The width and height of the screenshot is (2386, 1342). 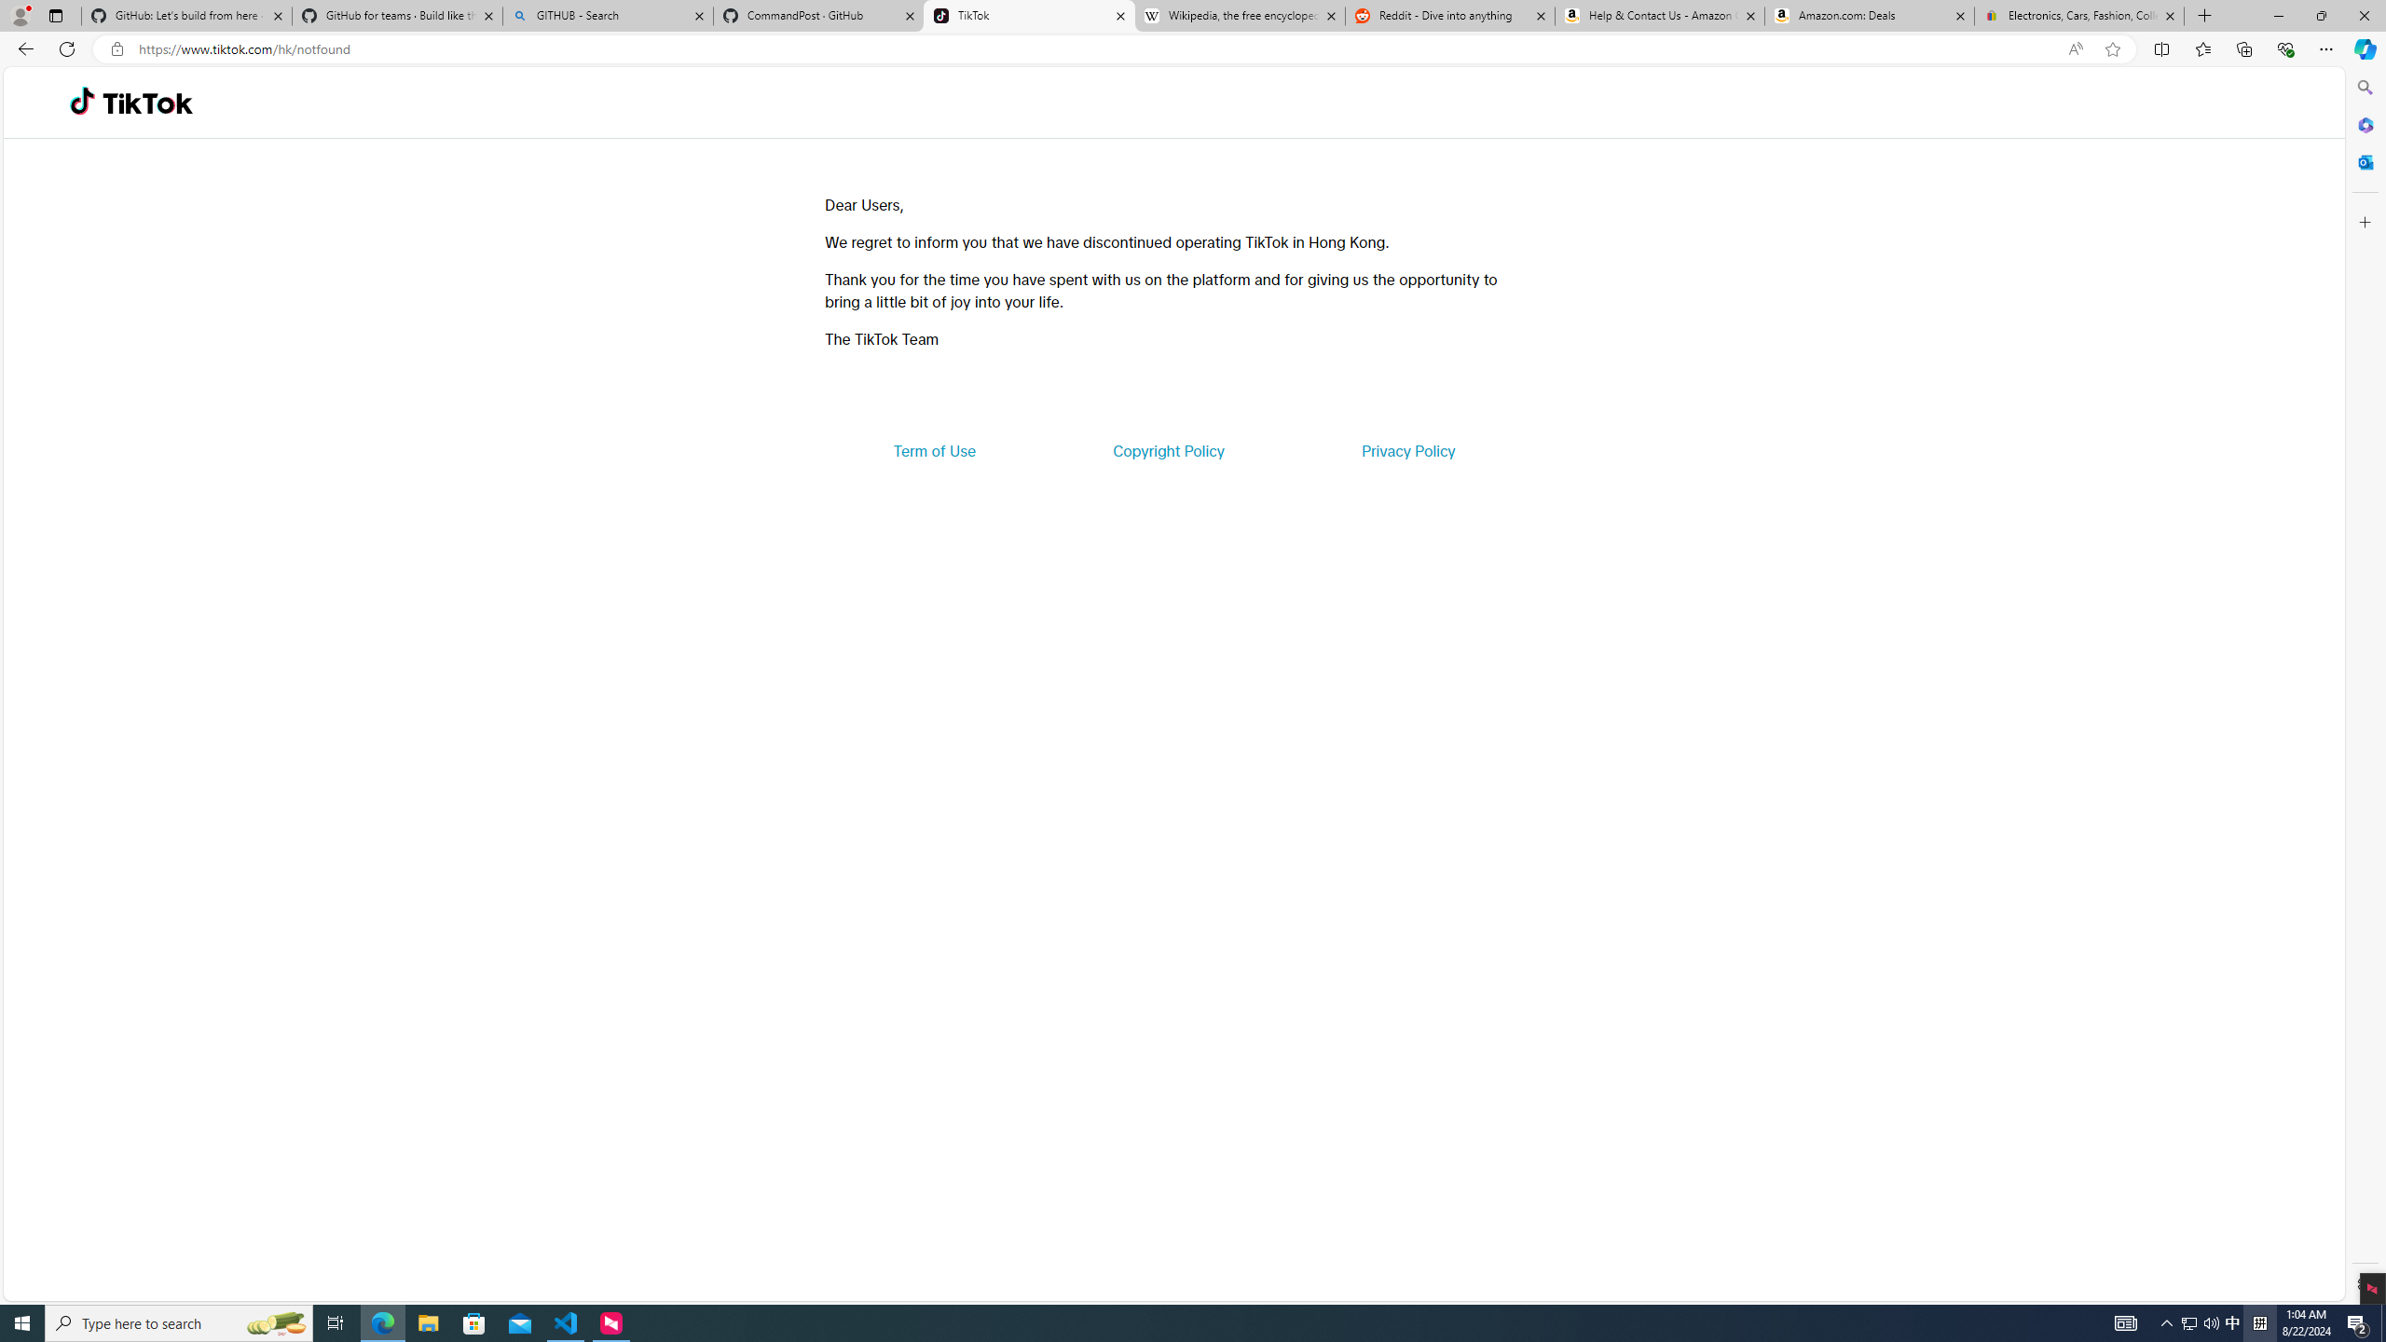 What do you see at coordinates (1167, 449) in the screenshot?
I see `'Copyright Policy'` at bounding box center [1167, 449].